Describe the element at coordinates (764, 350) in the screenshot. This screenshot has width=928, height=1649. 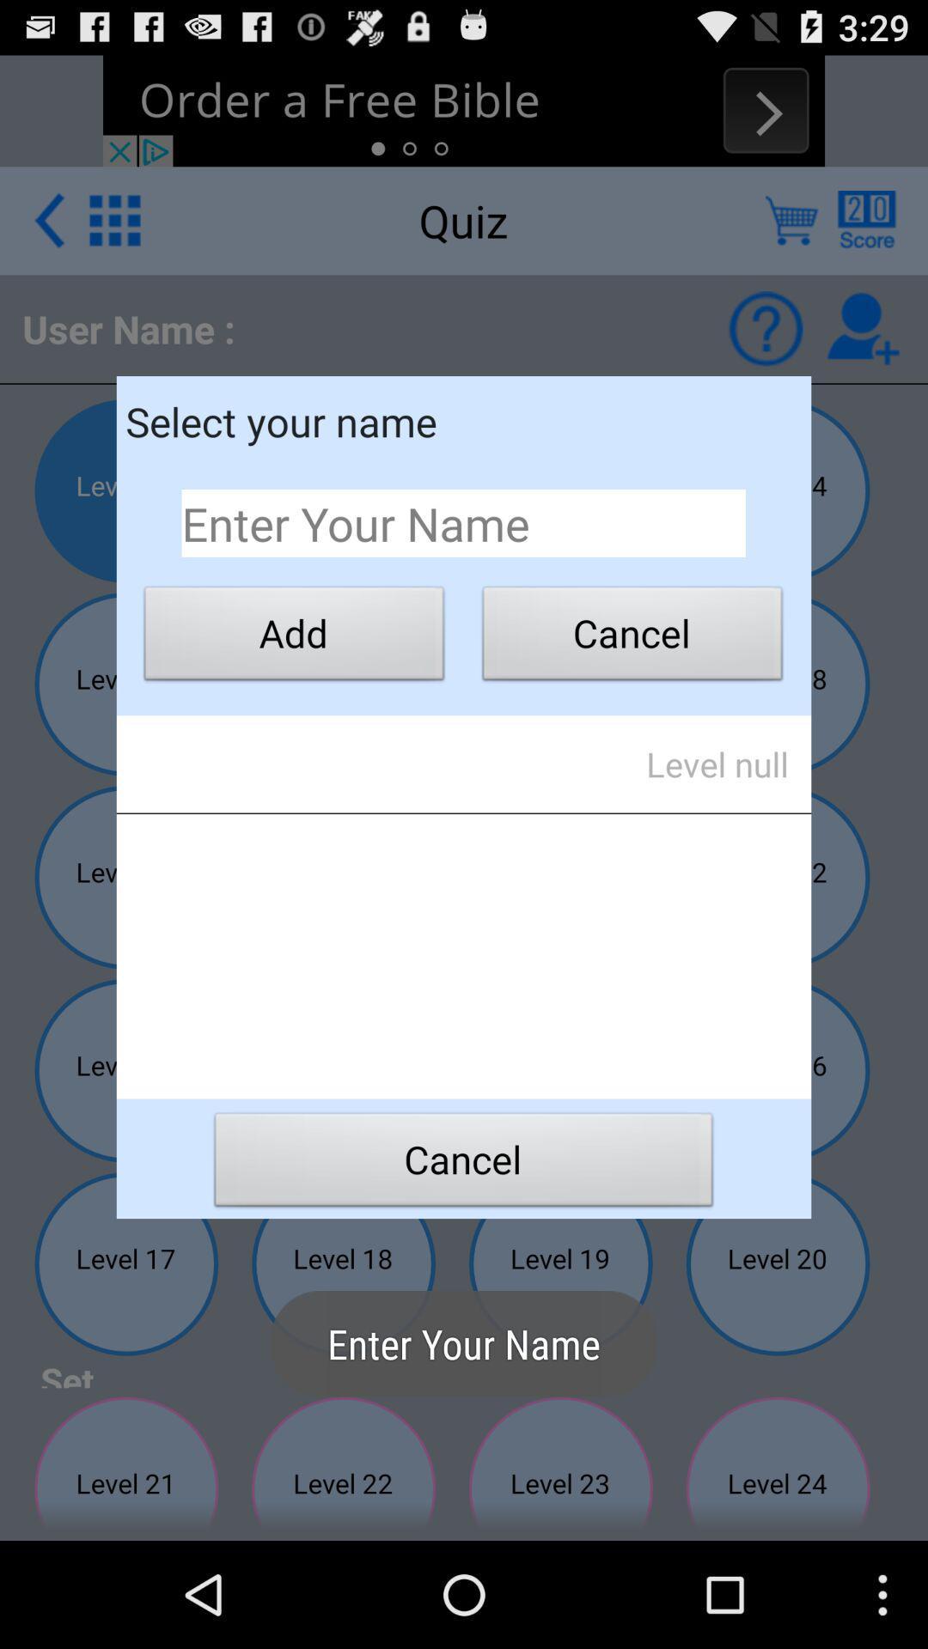
I see `the help icon` at that location.